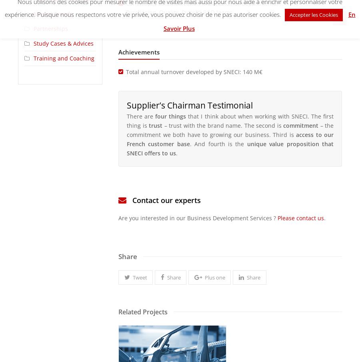 The height and width of the screenshot is (362, 360). Describe the element at coordinates (218, 143) in the screenshot. I see `'. And fourth is the'` at that location.